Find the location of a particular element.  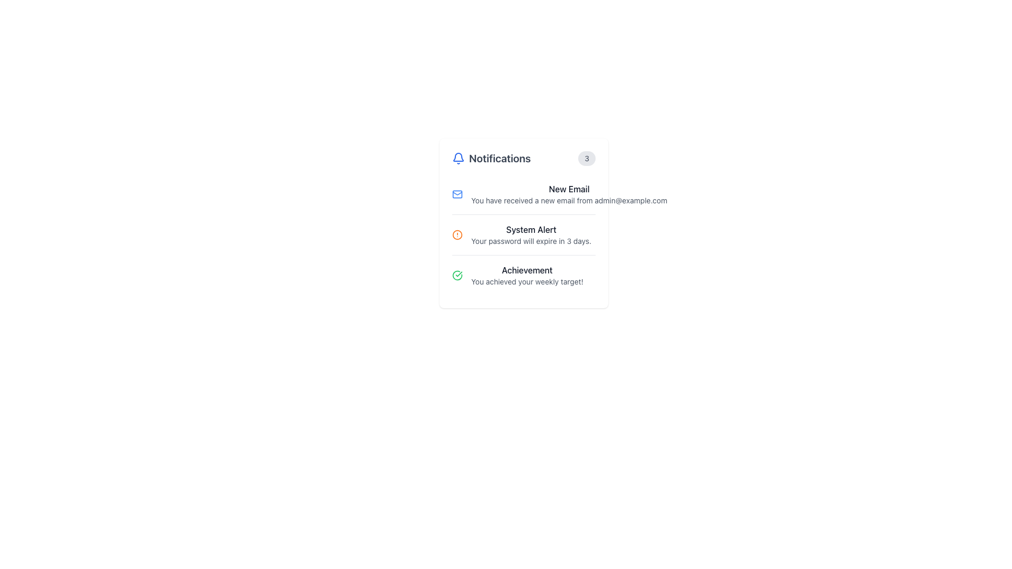

the small square-shaped envelope icon with a blue outline located to the left of the 'New Email' text in the notification panel is located at coordinates (458, 194).